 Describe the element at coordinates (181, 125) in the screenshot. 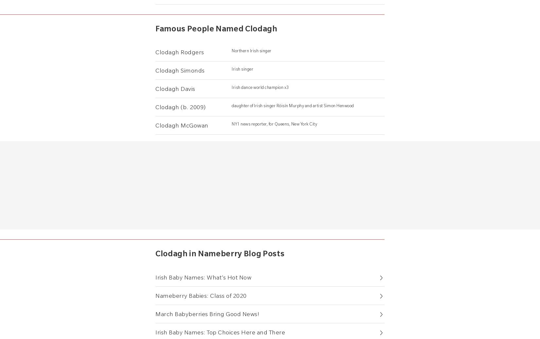

I see `'Clodagh McGowan'` at that location.